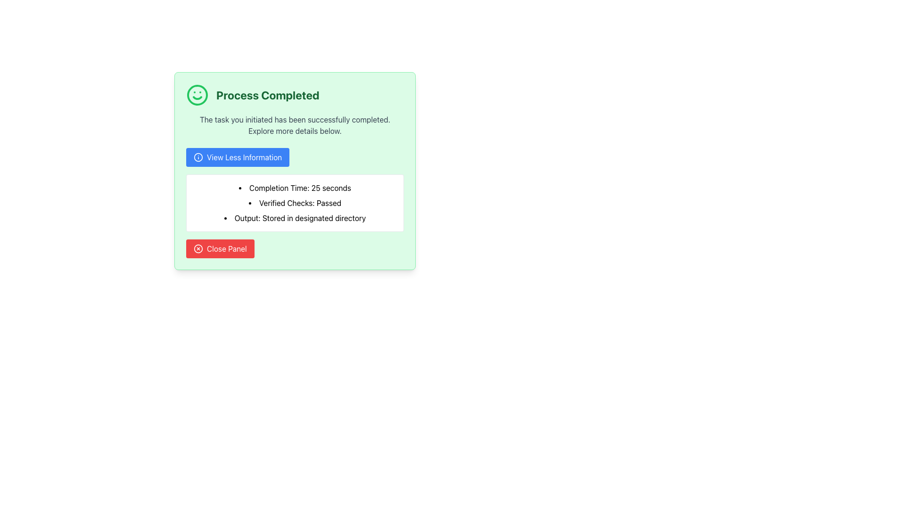 This screenshot has height=509, width=905. Describe the element at coordinates (294, 95) in the screenshot. I see `the Status Message Group that displays a green smiley face icon and bold text 'Process Completed', indicating a success message` at that location.